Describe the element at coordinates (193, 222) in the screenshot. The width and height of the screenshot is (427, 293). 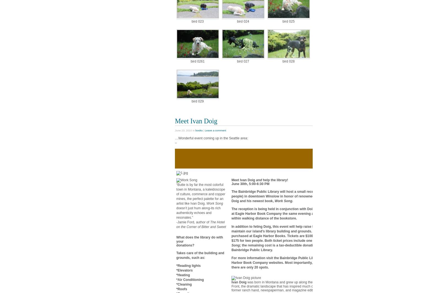
I see `'-Jamie Ford, author of'` at that location.